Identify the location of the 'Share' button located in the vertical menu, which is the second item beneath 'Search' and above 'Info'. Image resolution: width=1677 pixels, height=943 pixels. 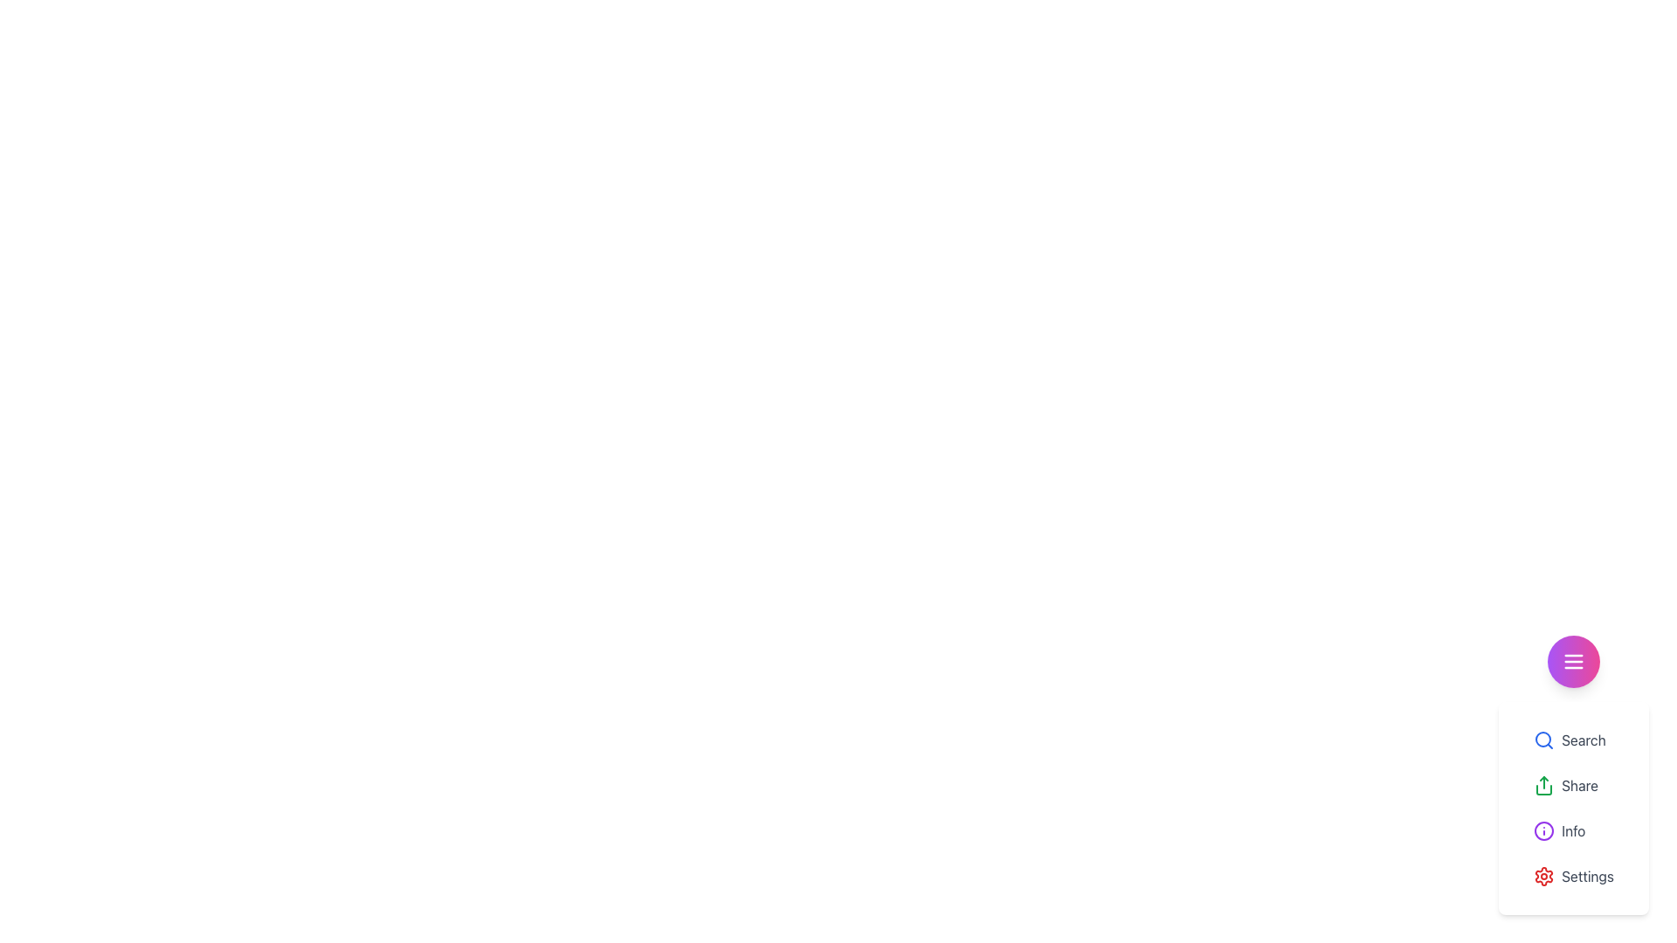
(1574, 808).